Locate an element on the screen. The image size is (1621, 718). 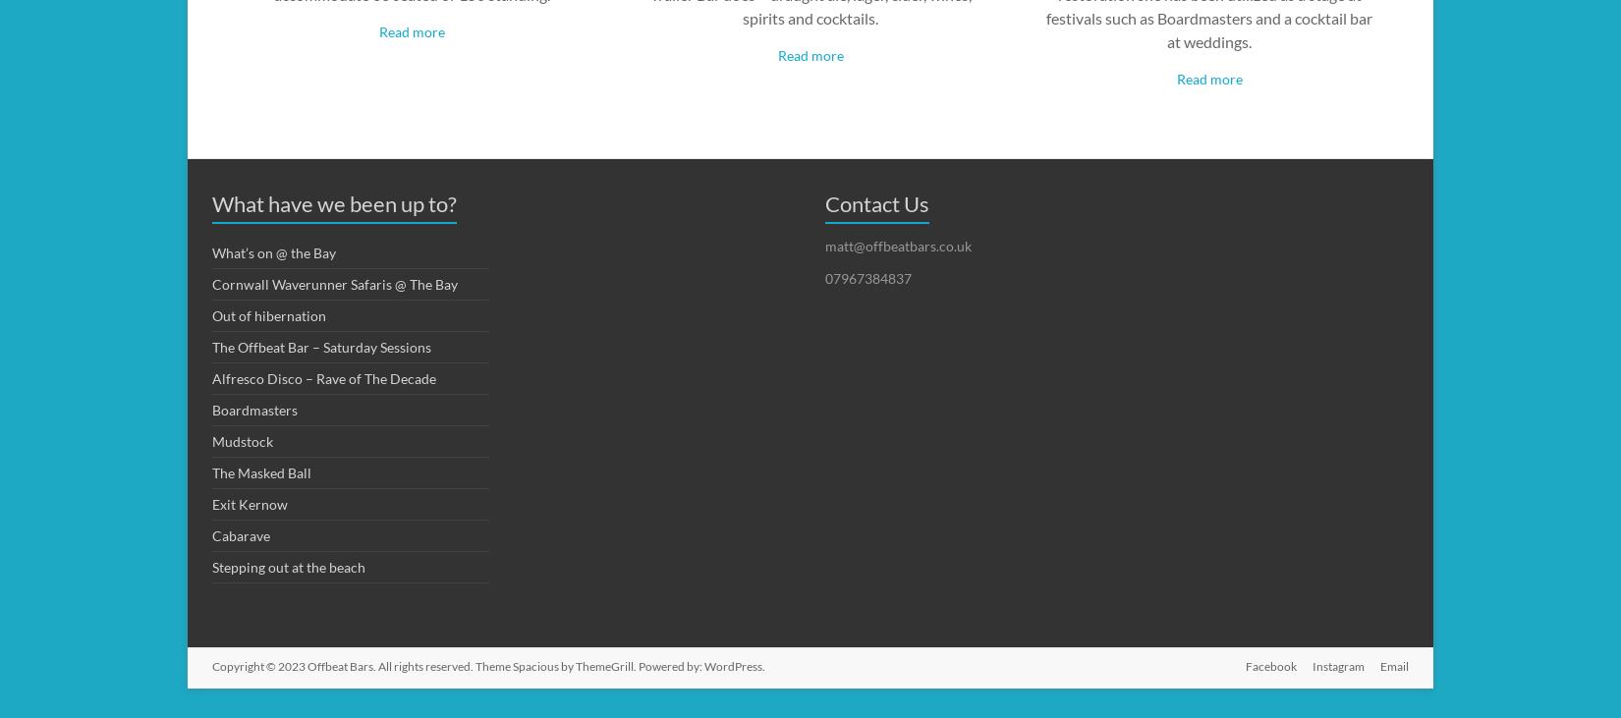
'Boardmasters' is located at coordinates (254, 409).